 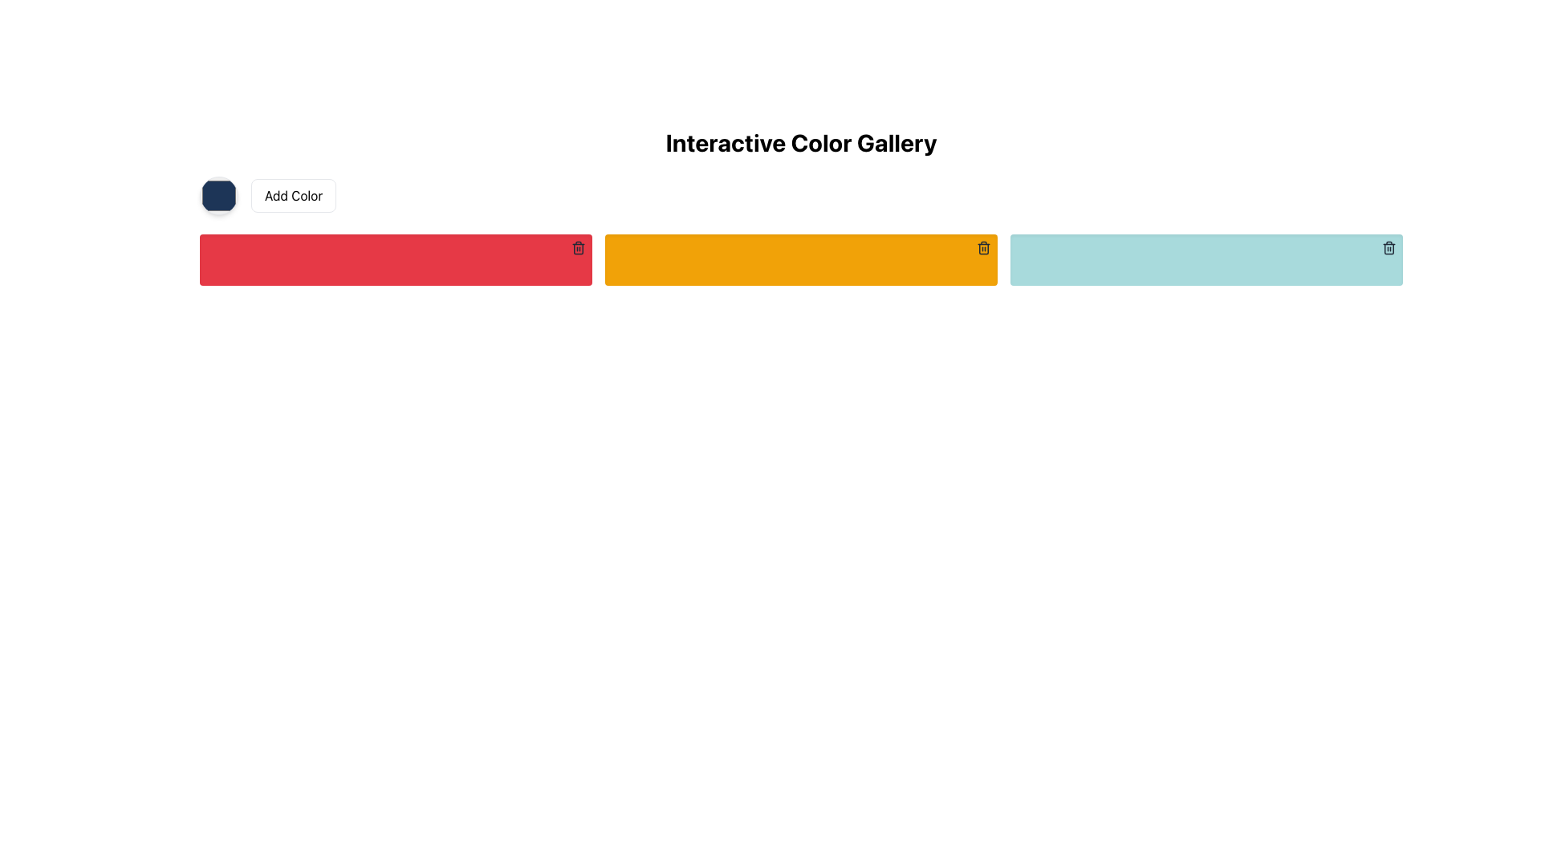 What do you see at coordinates (578, 247) in the screenshot?
I see `the delete button located at the top-right corner of the first red rectangular block` at bounding box center [578, 247].